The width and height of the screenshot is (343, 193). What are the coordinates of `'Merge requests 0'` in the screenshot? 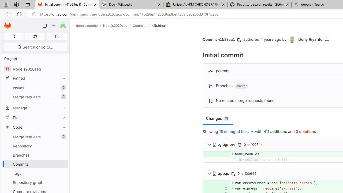 It's located at (35, 136).